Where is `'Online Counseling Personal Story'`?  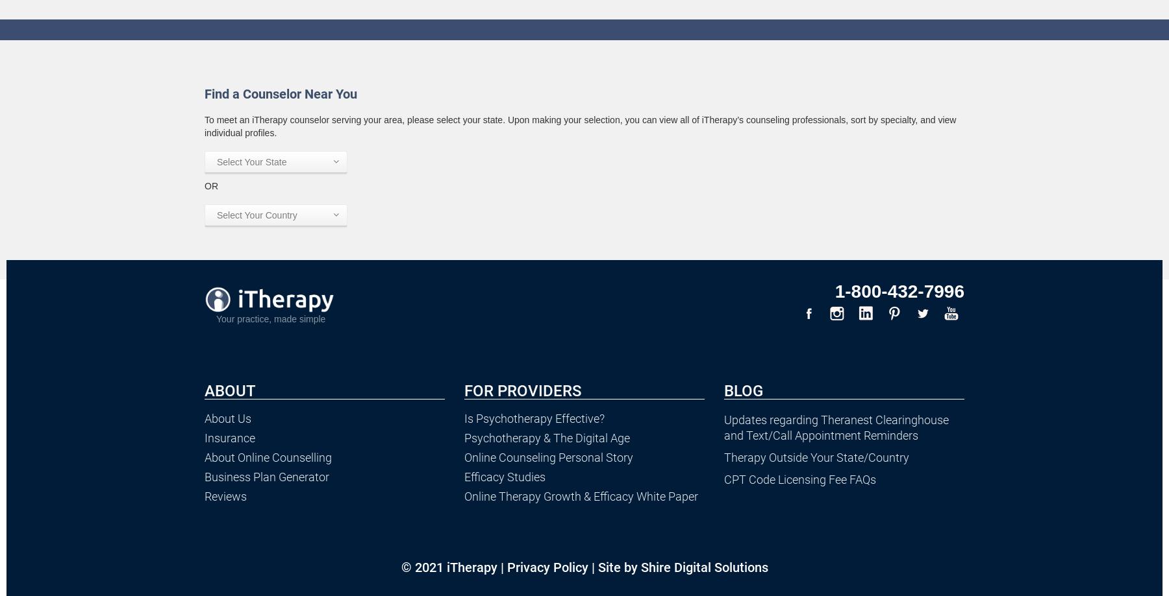
'Online Counseling Personal Story' is located at coordinates (548, 457).